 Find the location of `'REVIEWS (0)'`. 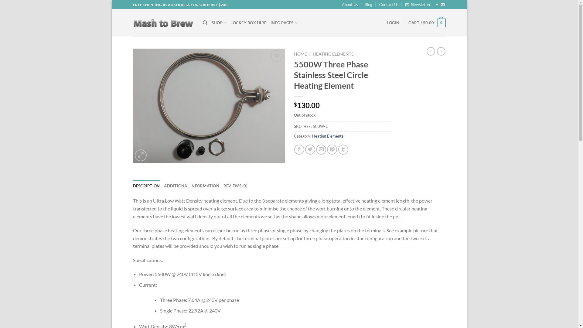

'REVIEWS (0)' is located at coordinates (235, 186).